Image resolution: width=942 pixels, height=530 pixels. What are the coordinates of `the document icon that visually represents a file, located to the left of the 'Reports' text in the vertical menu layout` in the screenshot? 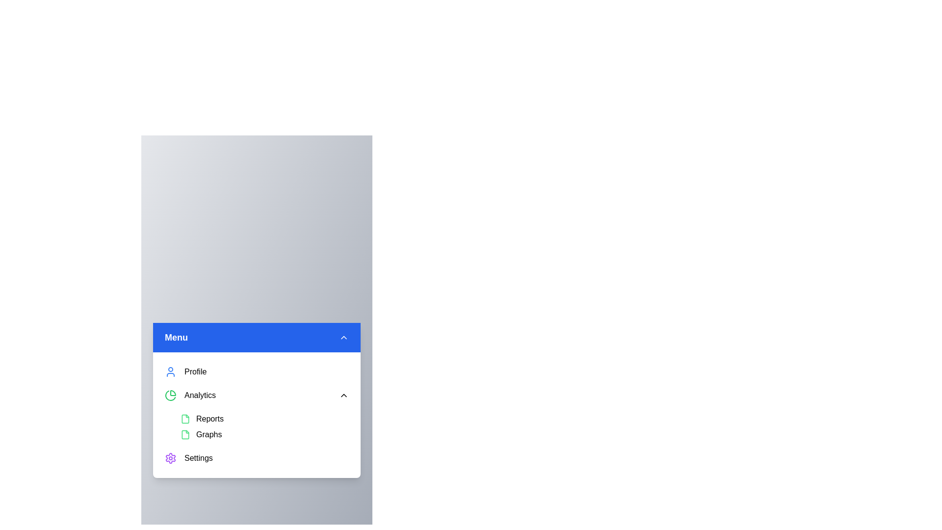 It's located at (185, 419).